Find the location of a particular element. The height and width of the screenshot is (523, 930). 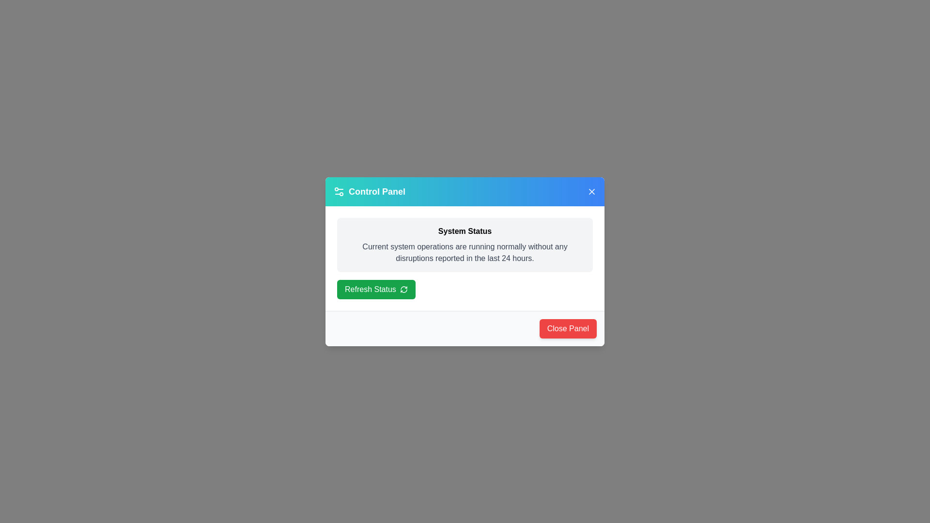

the text in the status message to highlight it is located at coordinates (465, 252).